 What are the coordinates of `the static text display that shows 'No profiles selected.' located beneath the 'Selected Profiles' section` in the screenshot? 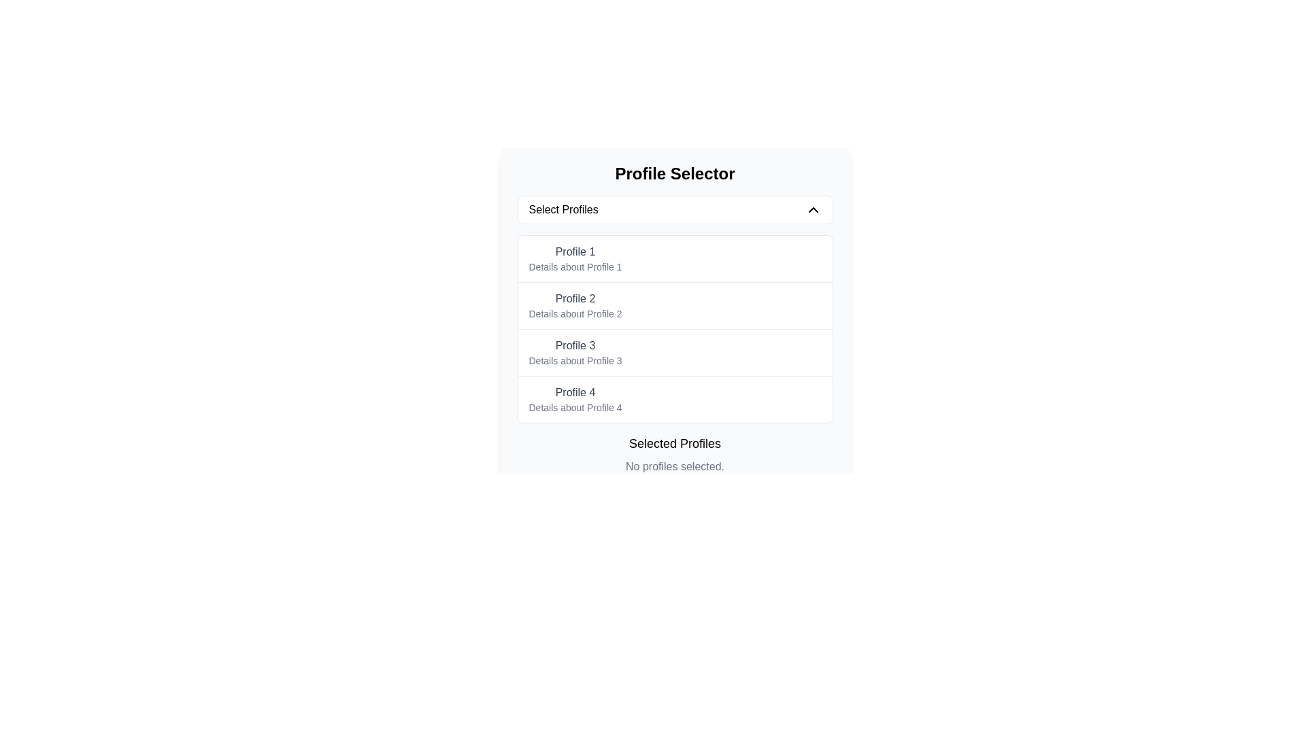 It's located at (675, 466).